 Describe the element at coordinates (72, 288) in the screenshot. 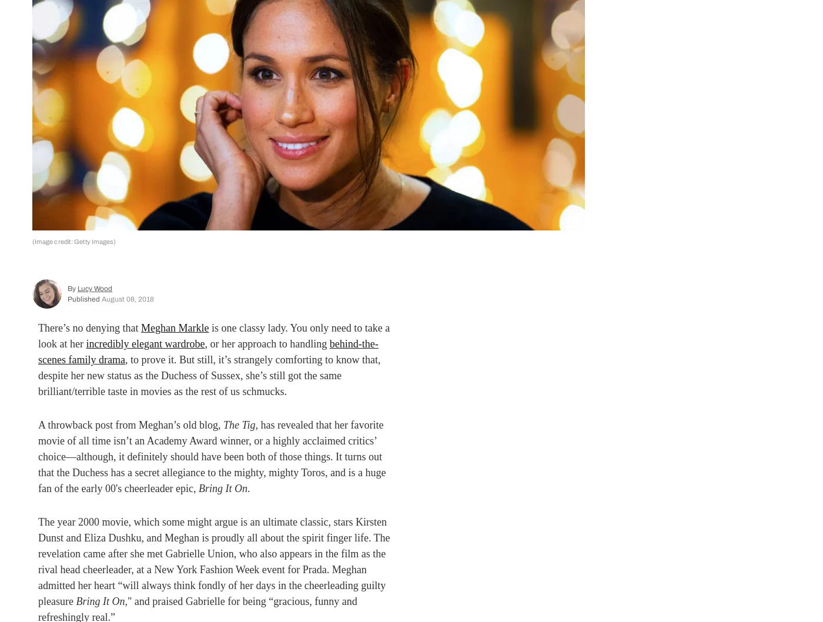

I see `'By'` at that location.